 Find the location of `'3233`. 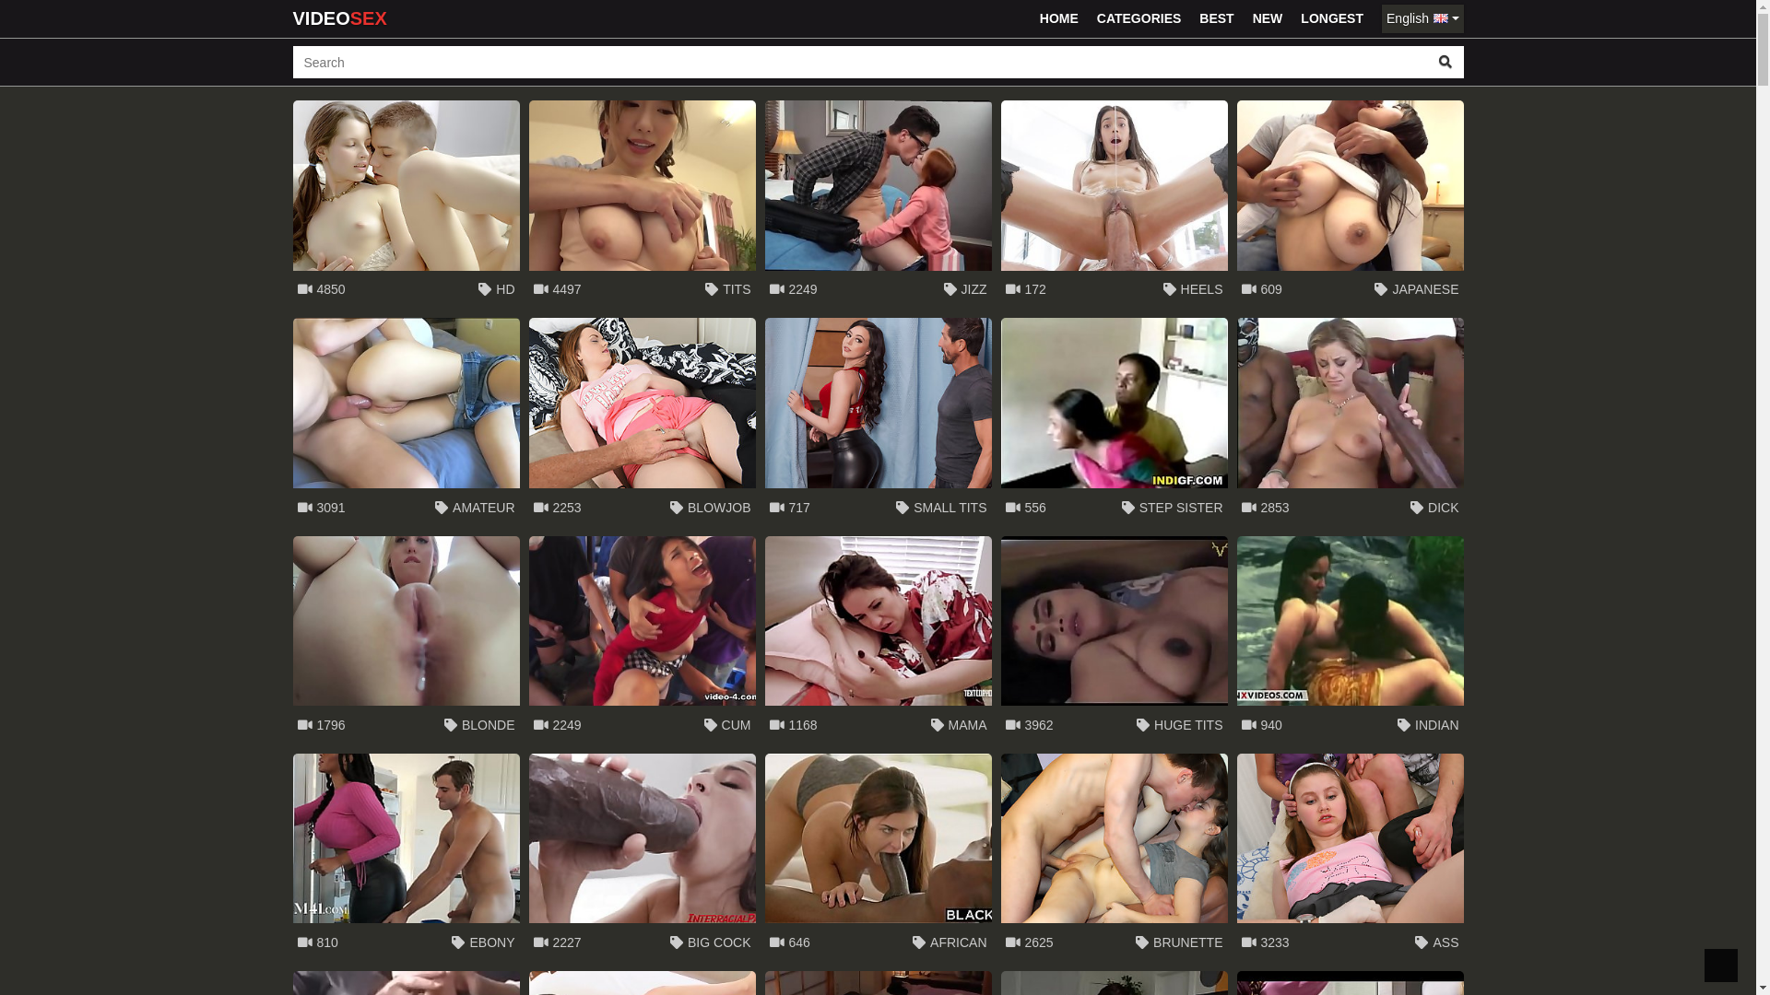

'3233 is located at coordinates (1237, 857).